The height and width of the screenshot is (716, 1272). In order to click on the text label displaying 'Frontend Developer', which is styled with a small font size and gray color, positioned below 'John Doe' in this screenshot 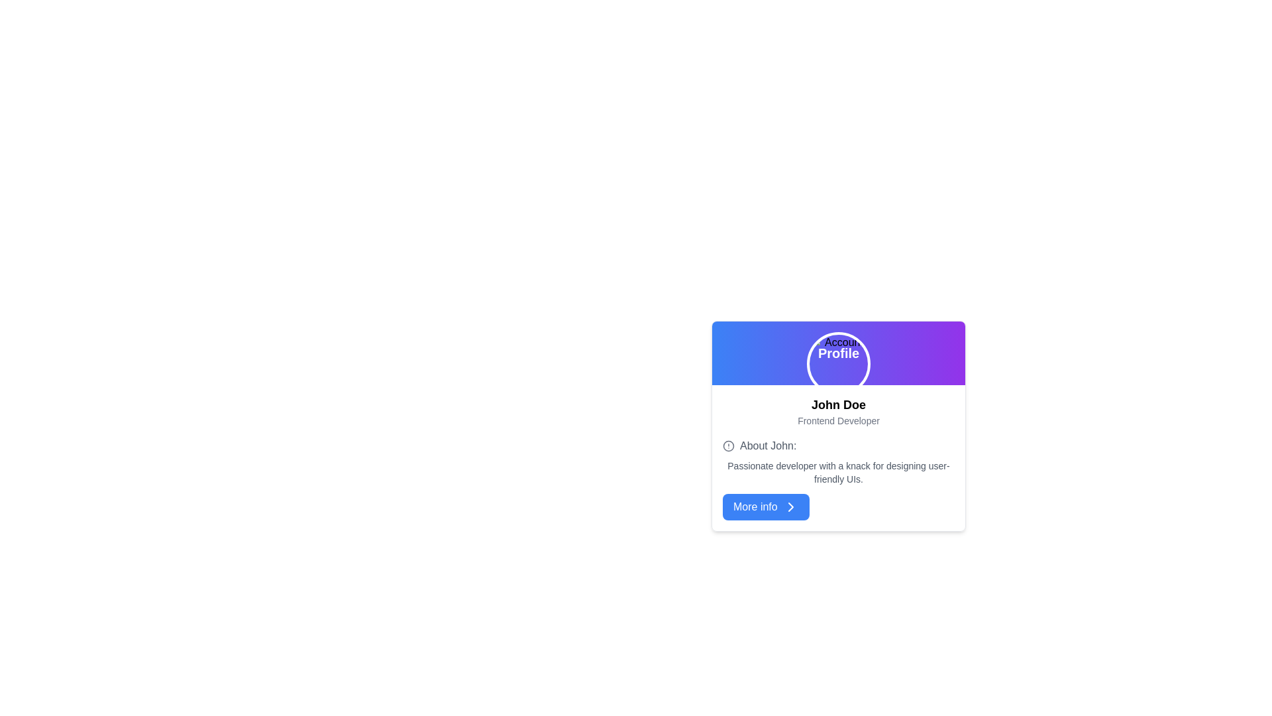, I will do `click(838, 421)`.